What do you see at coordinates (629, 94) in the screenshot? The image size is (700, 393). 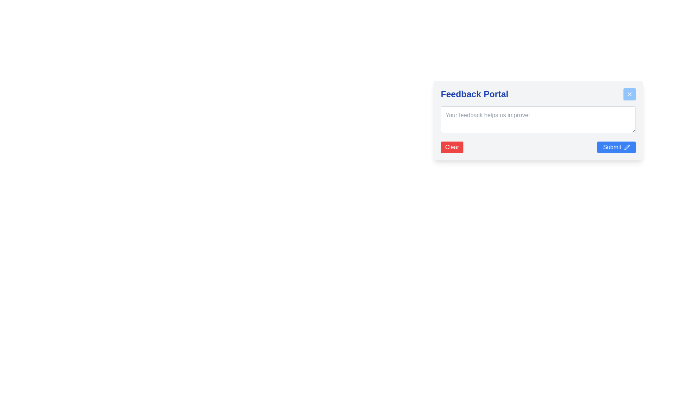 I see `the small rounded rectangular button with a blue background and white text in the top-right corner of the 'Feedback Portal' section` at bounding box center [629, 94].